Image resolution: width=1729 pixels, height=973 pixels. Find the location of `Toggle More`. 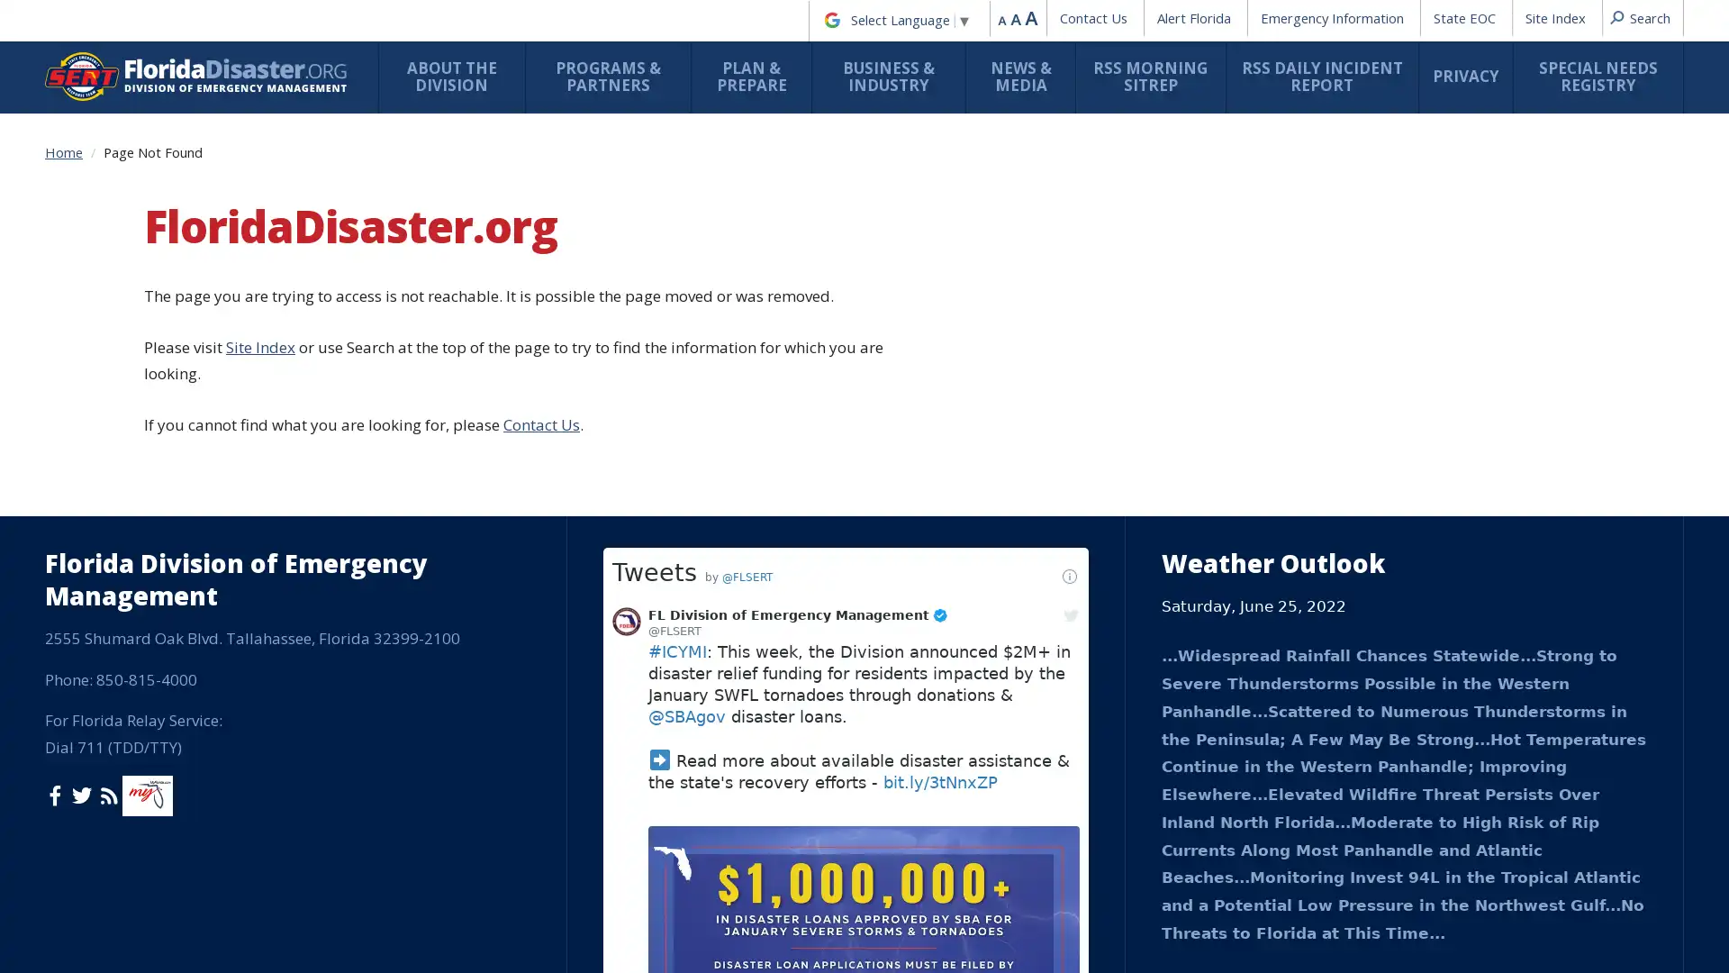

Toggle More is located at coordinates (721, 608).